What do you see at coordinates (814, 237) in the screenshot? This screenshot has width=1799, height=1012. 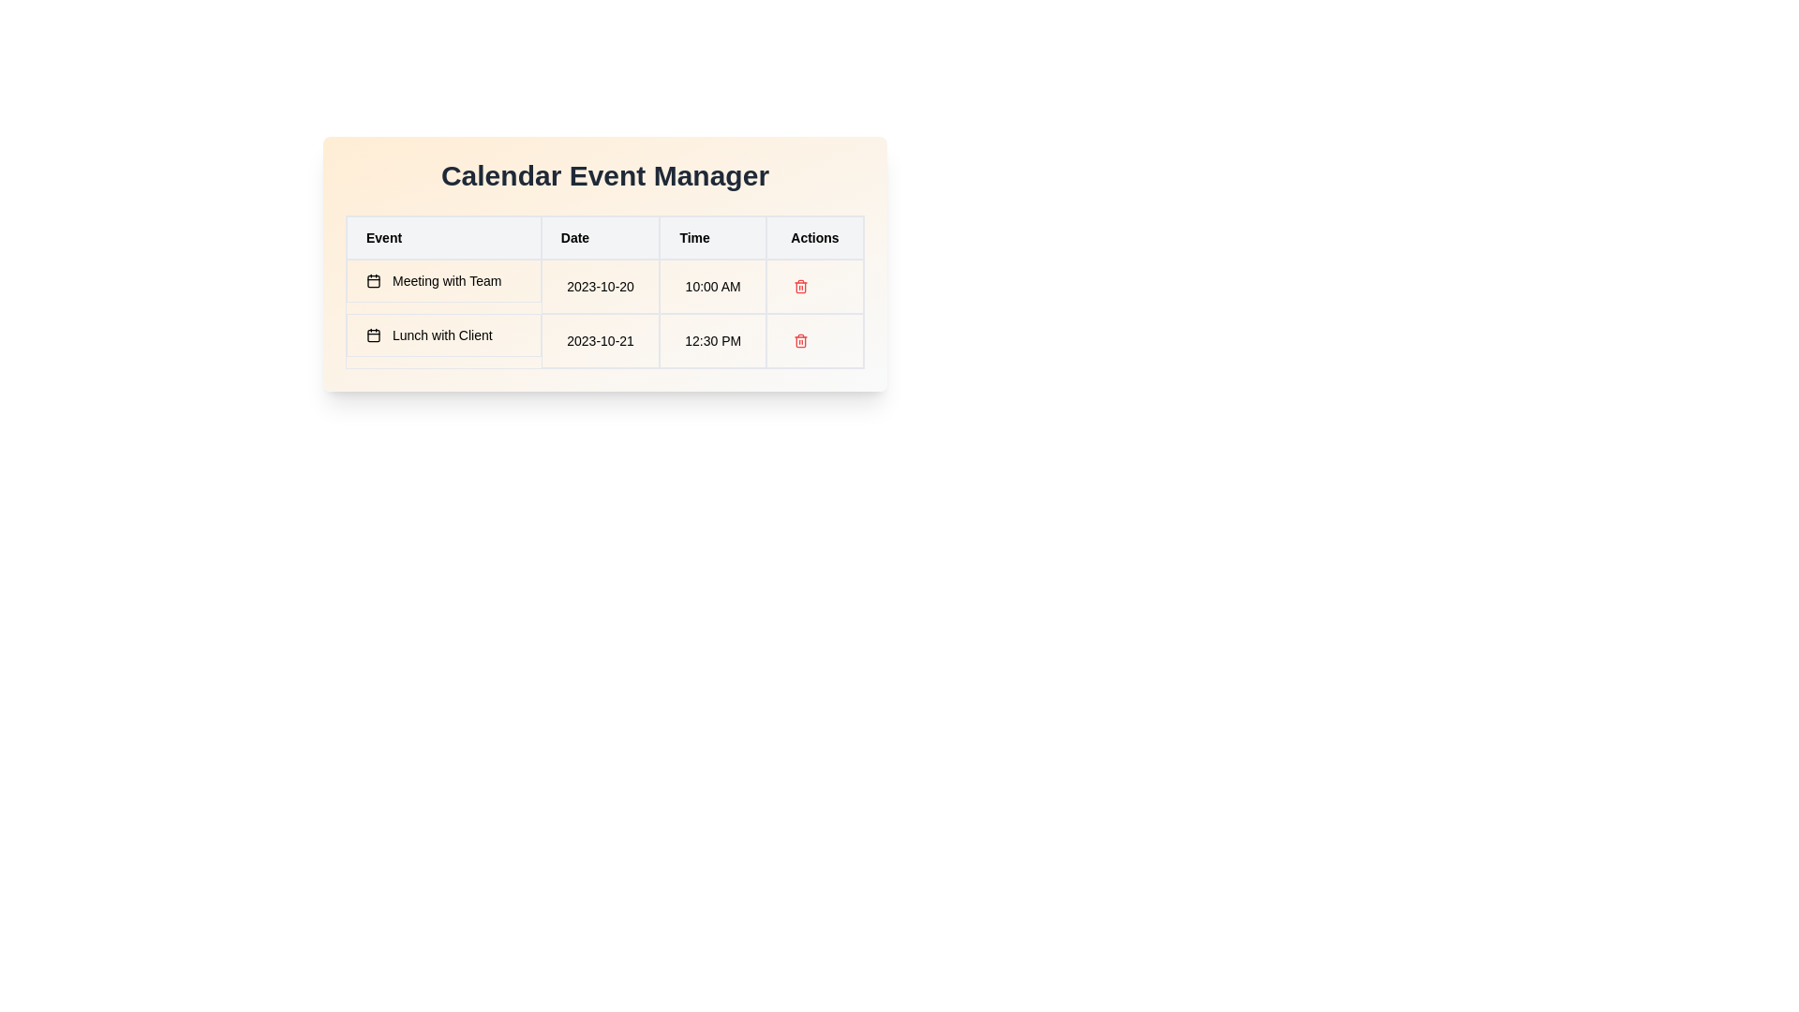 I see `the 'Actions' column header in the table, which is the fourth header and positioned to the right of the 'Time' header, indicating actionable items` at bounding box center [814, 237].